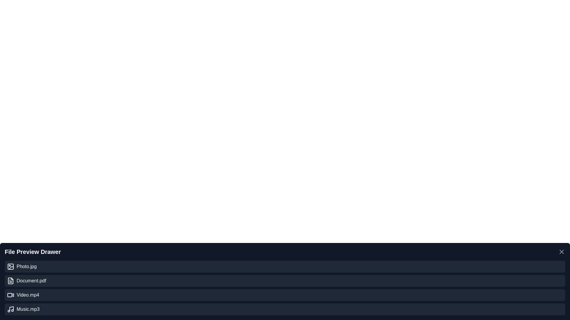  What do you see at coordinates (28, 295) in the screenshot?
I see `the static text element that represents a file name in the file preview drawer, located below 'Document.pdf' and above 'Music.mp3'` at bounding box center [28, 295].